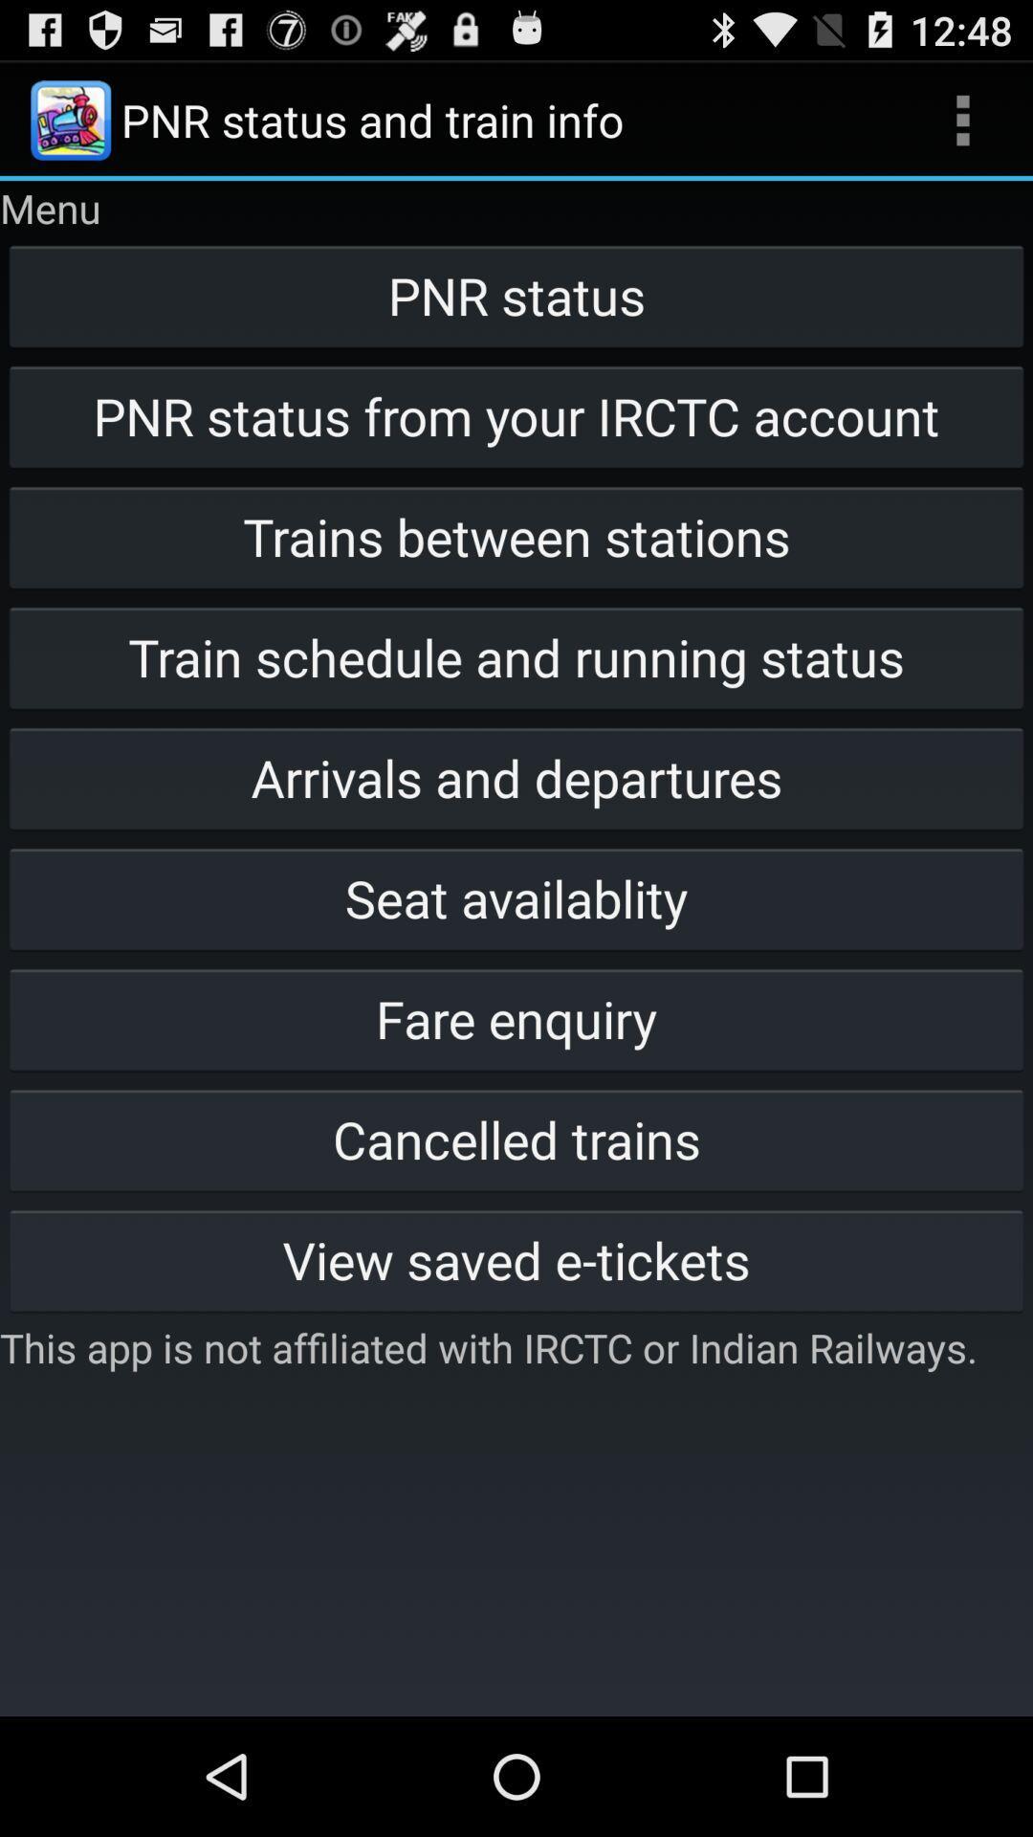 Image resolution: width=1033 pixels, height=1837 pixels. What do you see at coordinates (516, 777) in the screenshot?
I see `the button below train schedule and icon` at bounding box center [516, 777].